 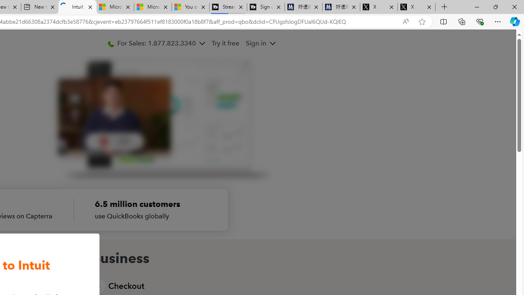 I want to click on 'Sign in', so click(x=260, y=43).